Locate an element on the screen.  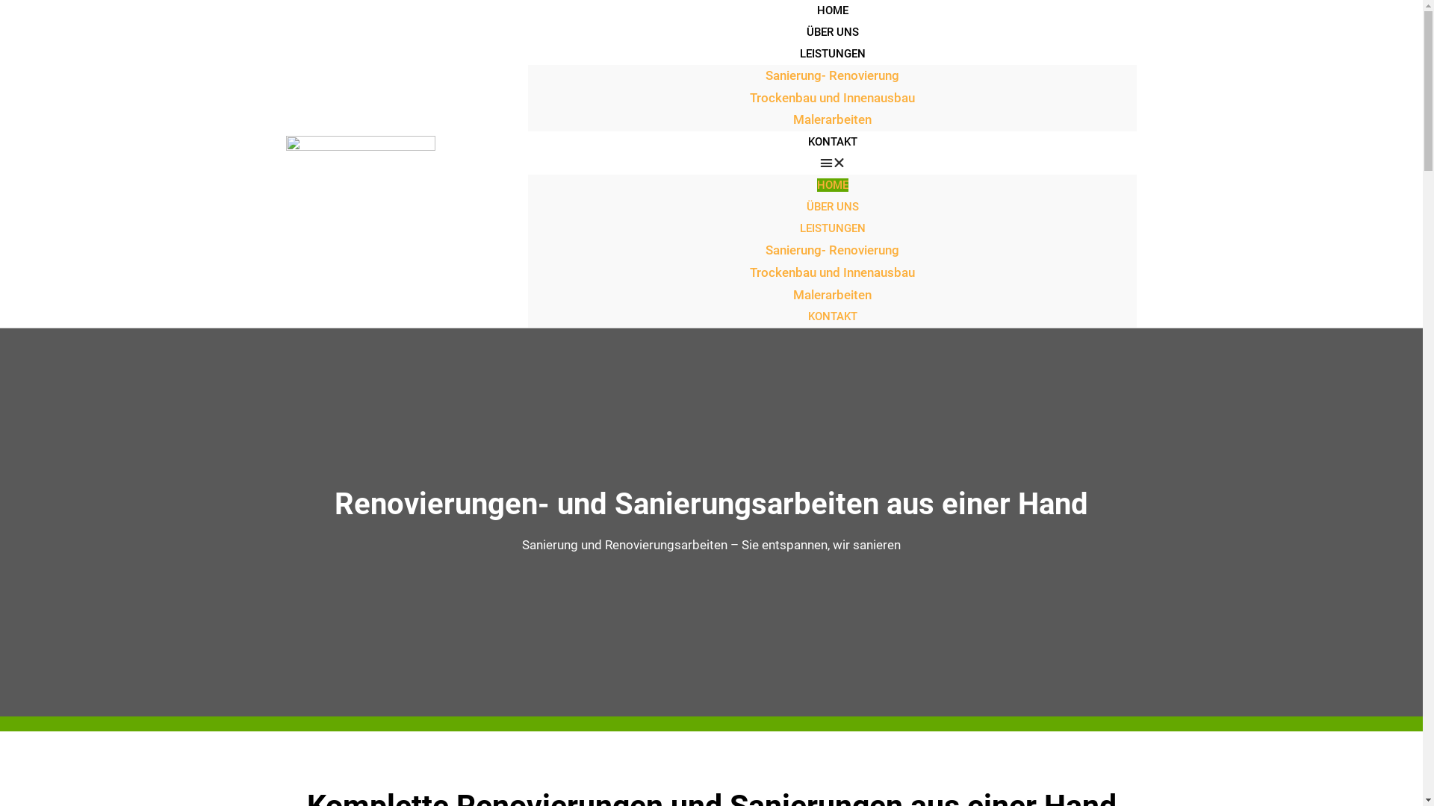
'KONTAKT' is located at coordinates (831, 316).